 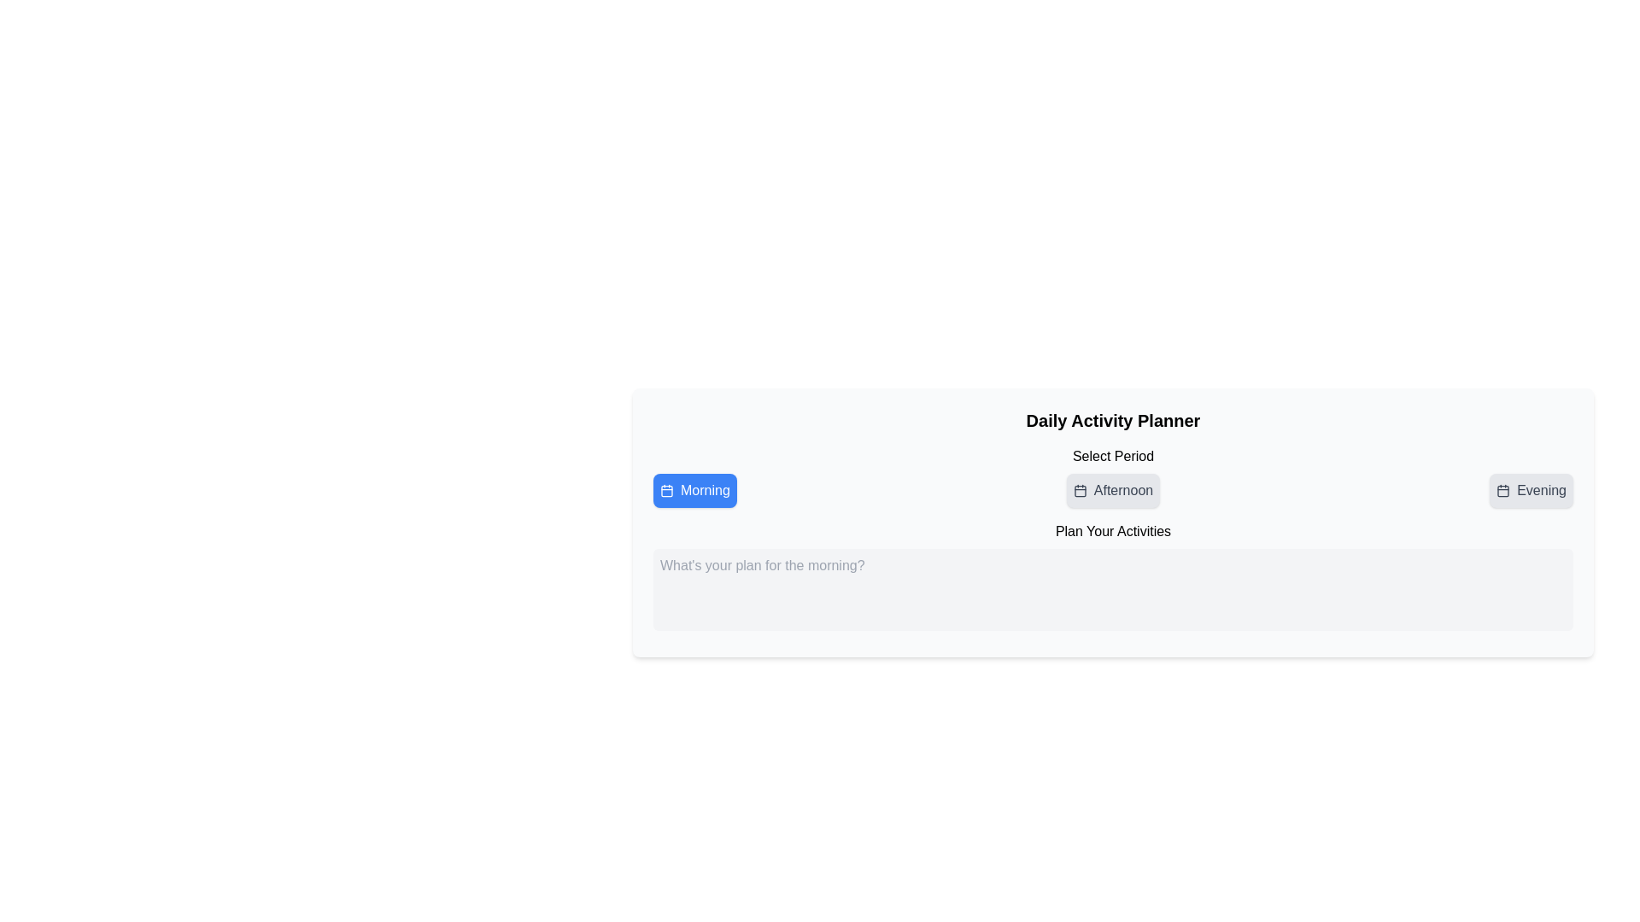 I want to click on the 'Afternoon' button, which is a horizontally rectangular button with a calendar icon, using keyboard navigation, so click(x=1113, y=490).